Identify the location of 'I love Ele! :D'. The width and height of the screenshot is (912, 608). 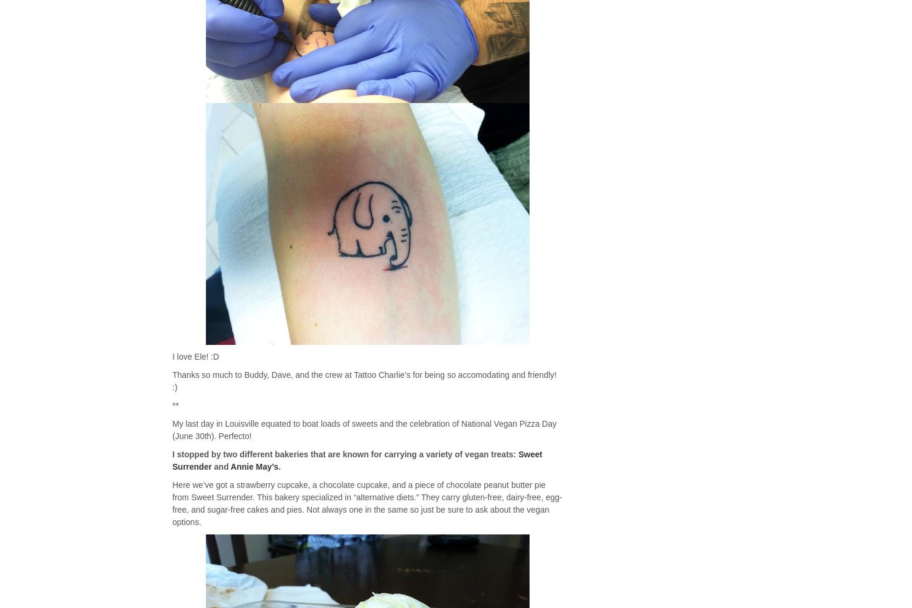
(195, 356).